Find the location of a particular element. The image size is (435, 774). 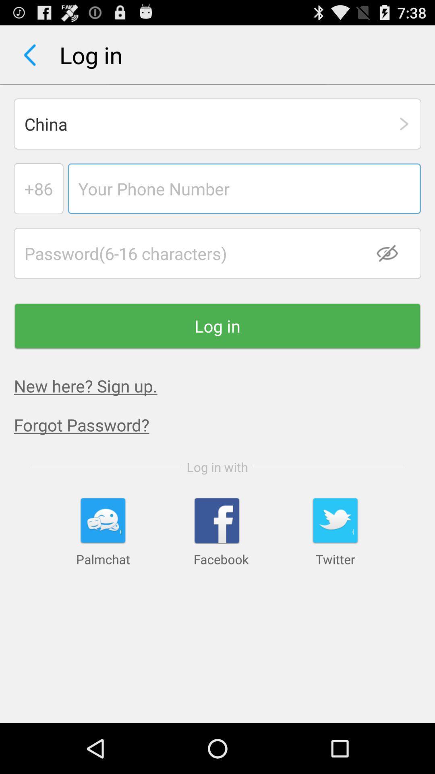

the icon next to the log in is located at coordinates (29, 54).